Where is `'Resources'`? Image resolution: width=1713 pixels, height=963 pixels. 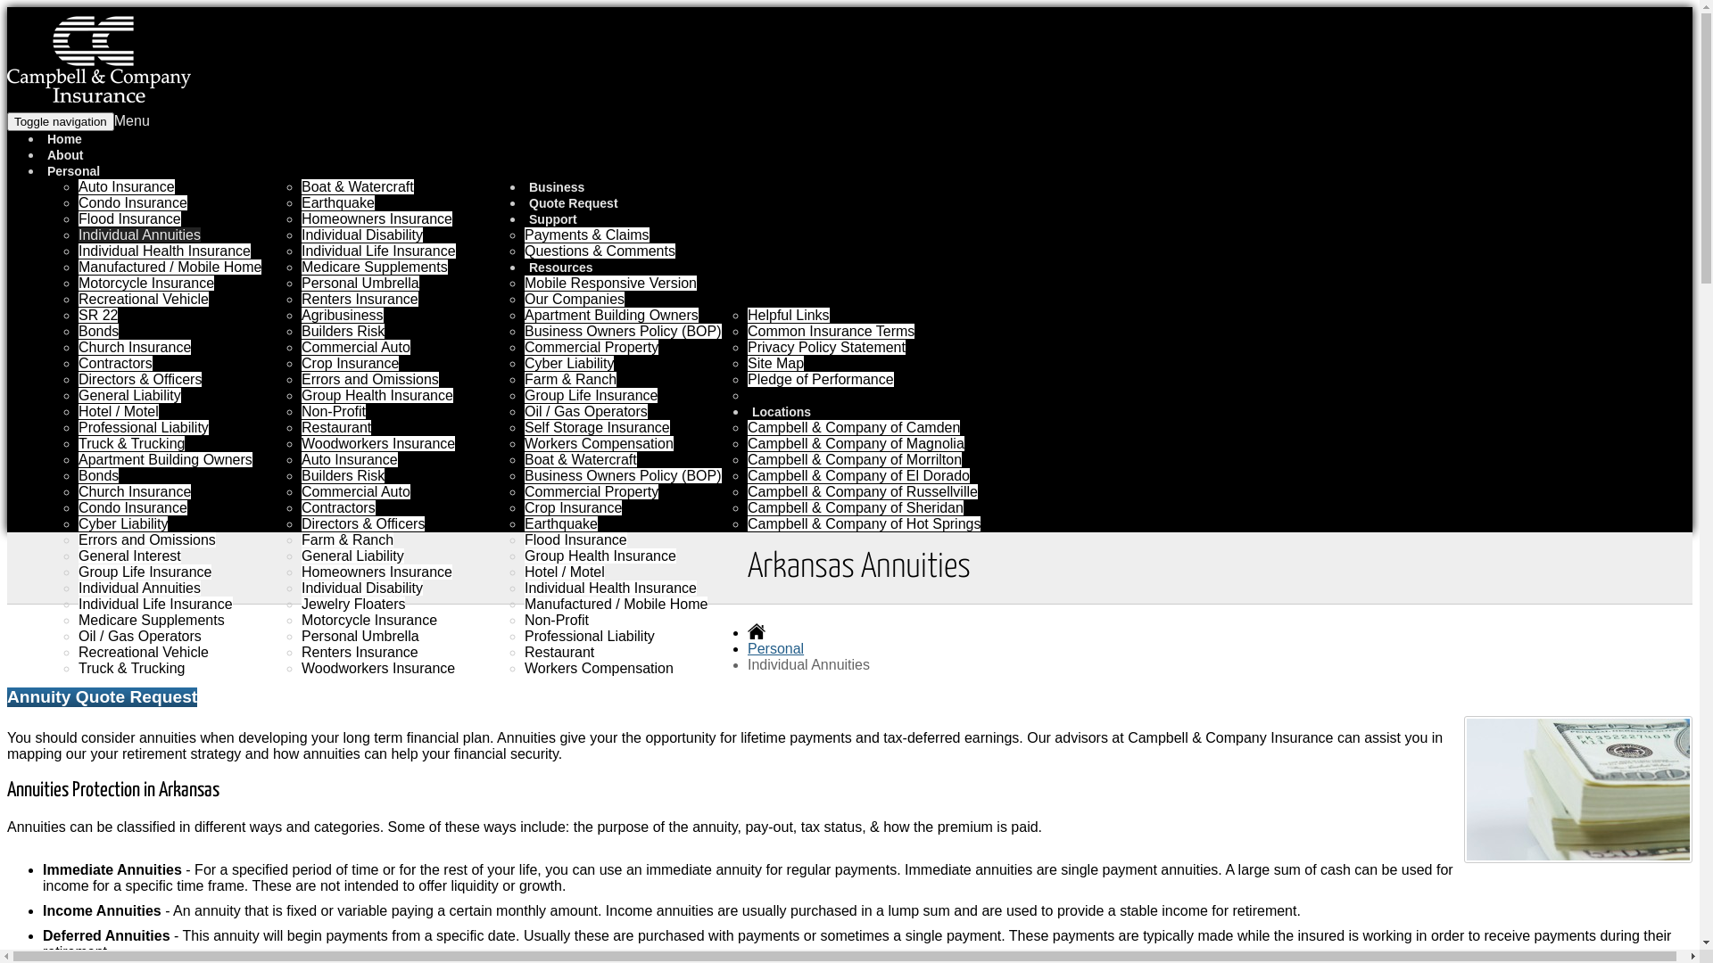 'Resources' is located at coordinates (561, 267).